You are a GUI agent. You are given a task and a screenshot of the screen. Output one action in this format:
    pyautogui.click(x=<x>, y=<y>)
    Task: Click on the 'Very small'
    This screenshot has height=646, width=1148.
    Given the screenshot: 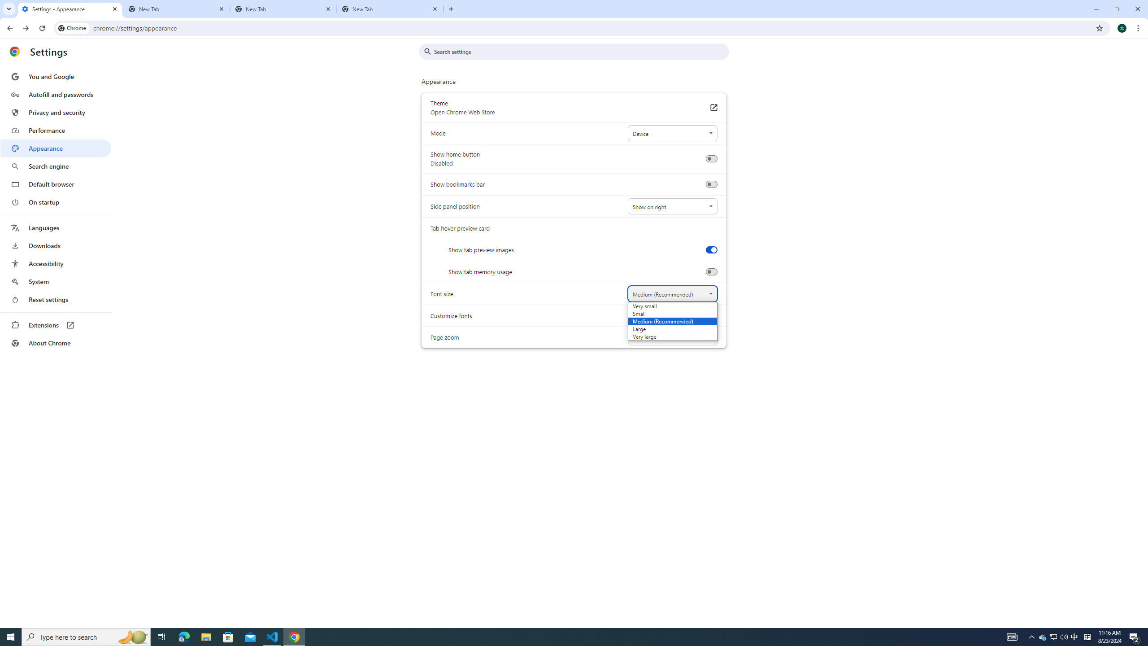 What is the action you would take?
    pyautogui.click(x=660, y=306)
    